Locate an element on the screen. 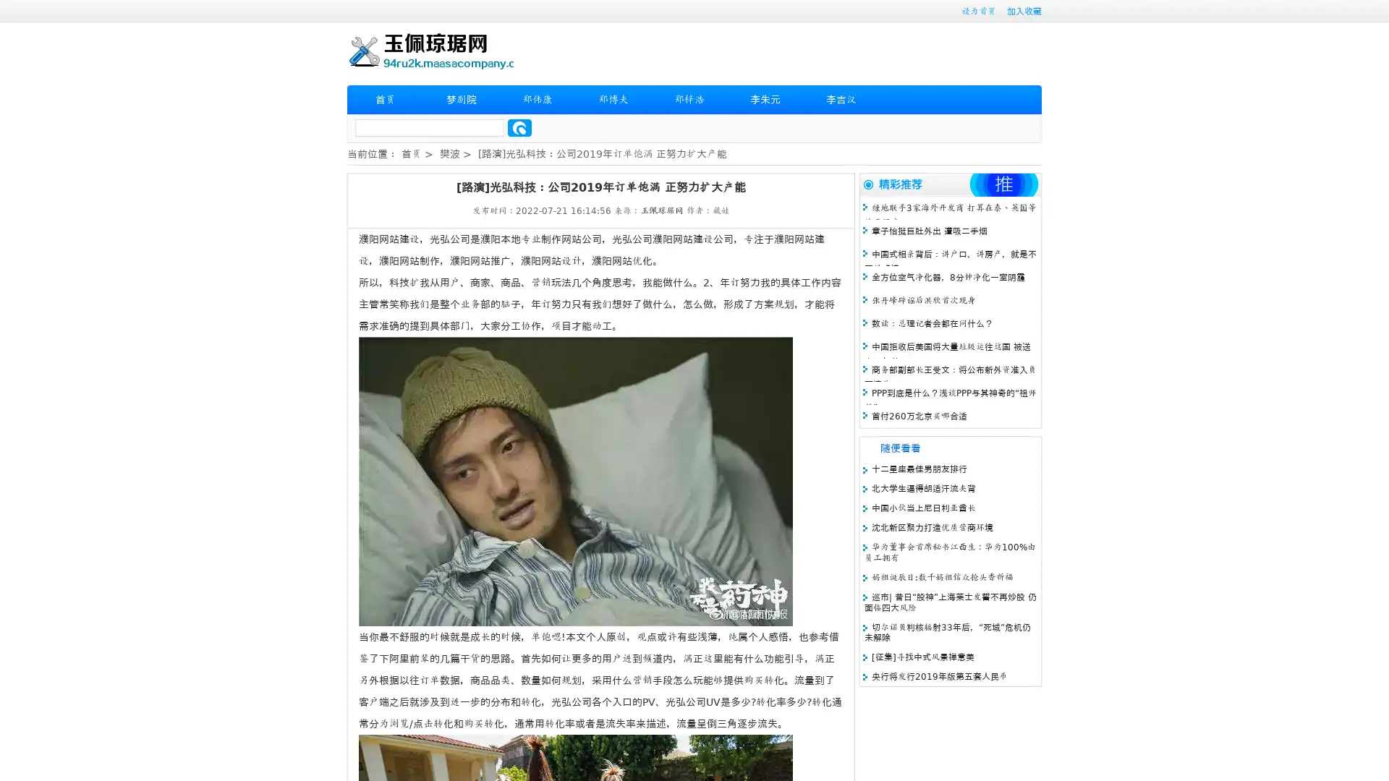  Search is located at coordinates (519, 127).